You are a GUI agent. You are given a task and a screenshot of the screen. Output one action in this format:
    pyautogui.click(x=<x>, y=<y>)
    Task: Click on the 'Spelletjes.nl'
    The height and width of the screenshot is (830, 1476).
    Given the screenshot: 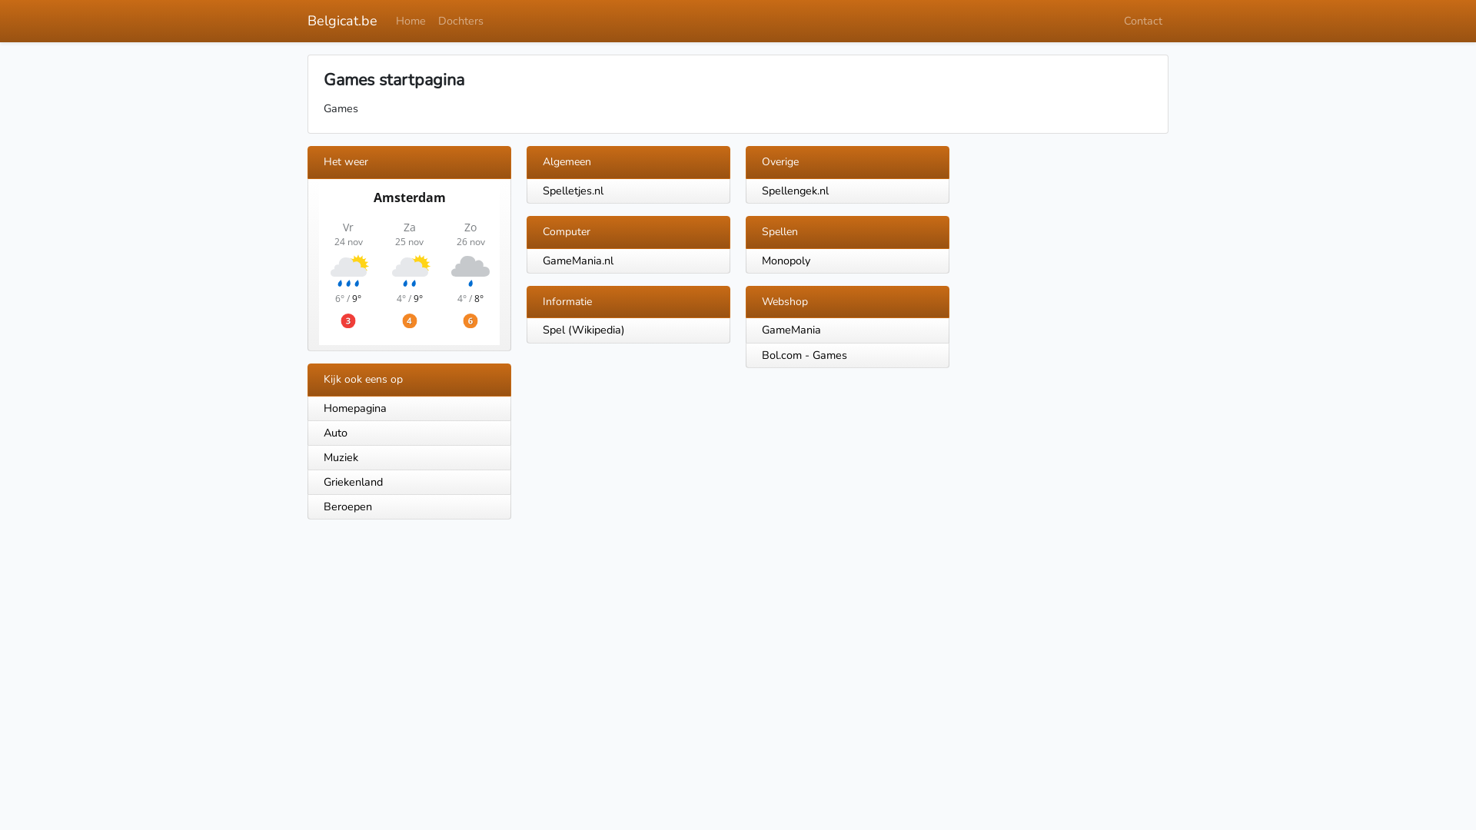 What is the action you would take?
    pyautogui.click(x=572, y=189)
    